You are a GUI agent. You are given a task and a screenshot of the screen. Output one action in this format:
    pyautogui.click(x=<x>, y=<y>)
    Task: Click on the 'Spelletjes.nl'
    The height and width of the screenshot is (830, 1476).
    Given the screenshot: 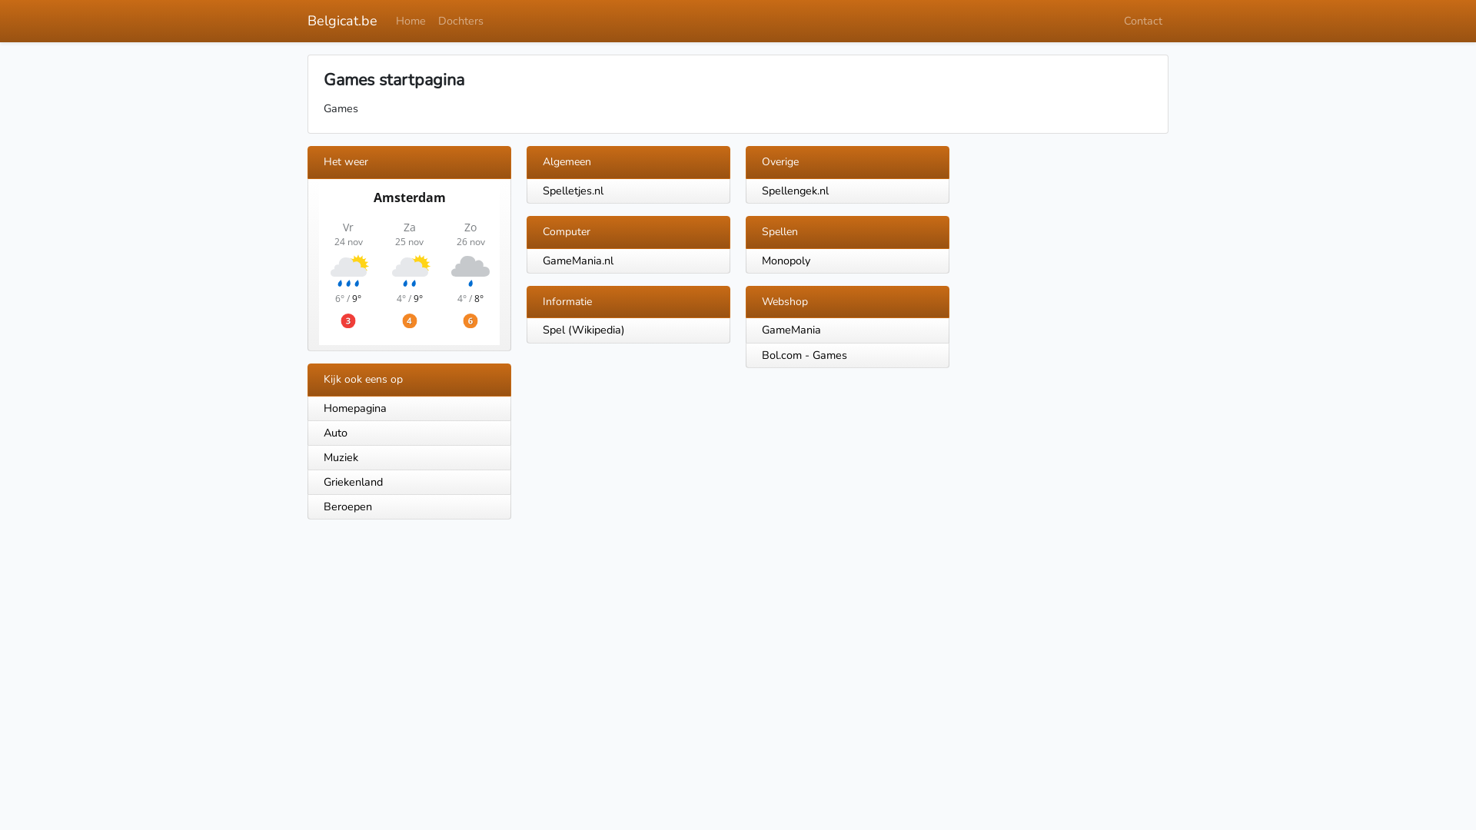 What is the action you would take?
    pyautogui.click(x=572, y=189)
    